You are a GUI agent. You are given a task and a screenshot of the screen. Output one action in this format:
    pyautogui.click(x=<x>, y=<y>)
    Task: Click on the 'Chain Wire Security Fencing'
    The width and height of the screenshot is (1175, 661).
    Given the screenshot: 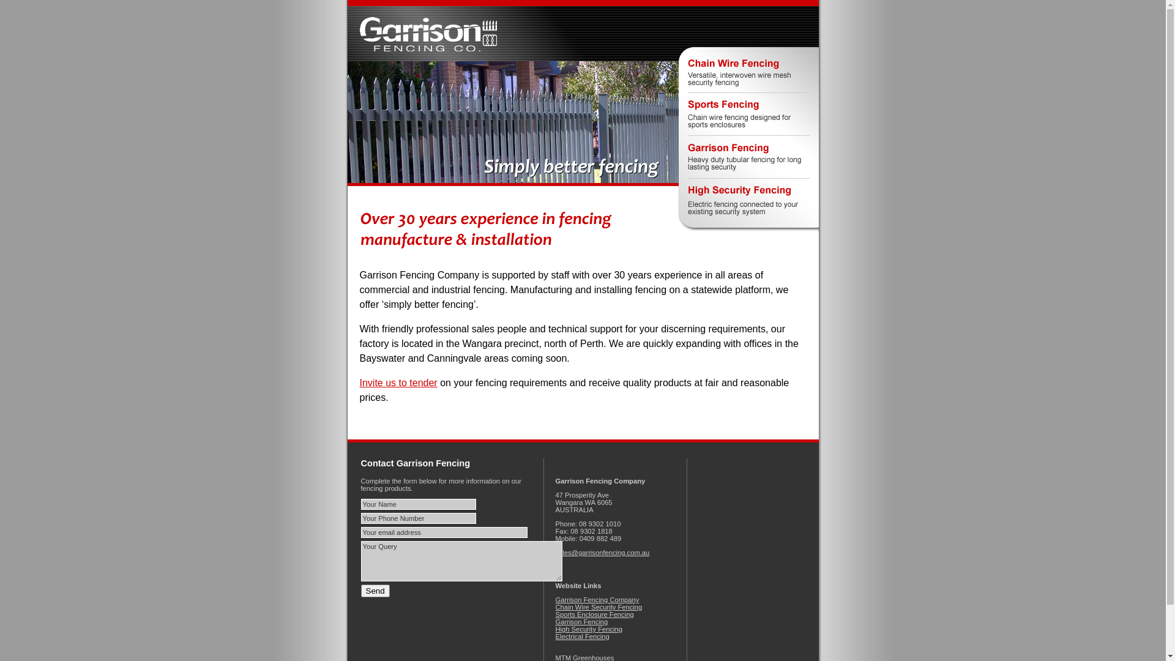 What is the action you would take?
    pyautogui.click(x=599, y=607)
    